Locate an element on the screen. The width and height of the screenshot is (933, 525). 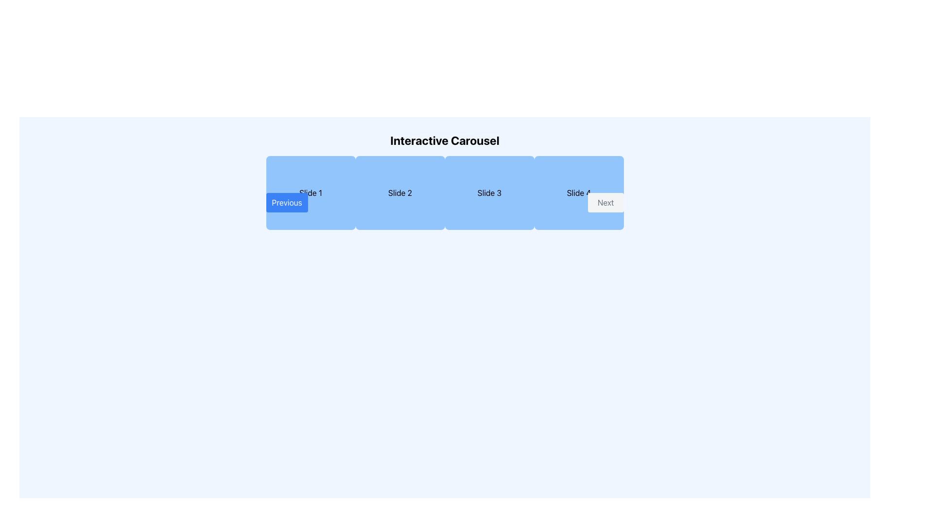
the text element displaying 'Interactive Carousel', which is prominently positioned at the top-center of the page and serves as the section title is located at coordinates (444, 140).